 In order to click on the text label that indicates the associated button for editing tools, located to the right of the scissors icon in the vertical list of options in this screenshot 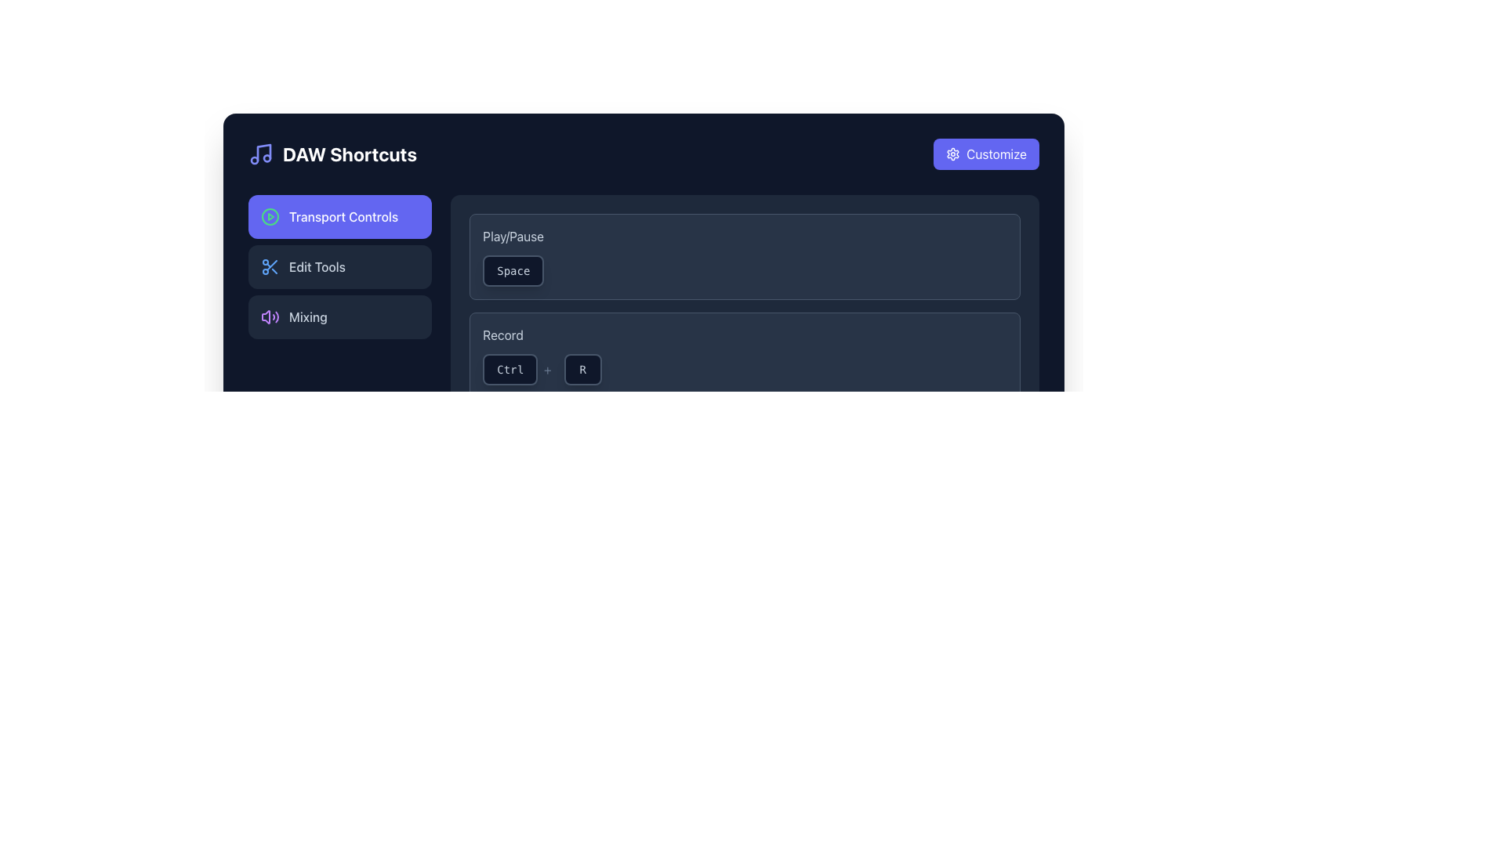, I will do `click(316, 266)`.